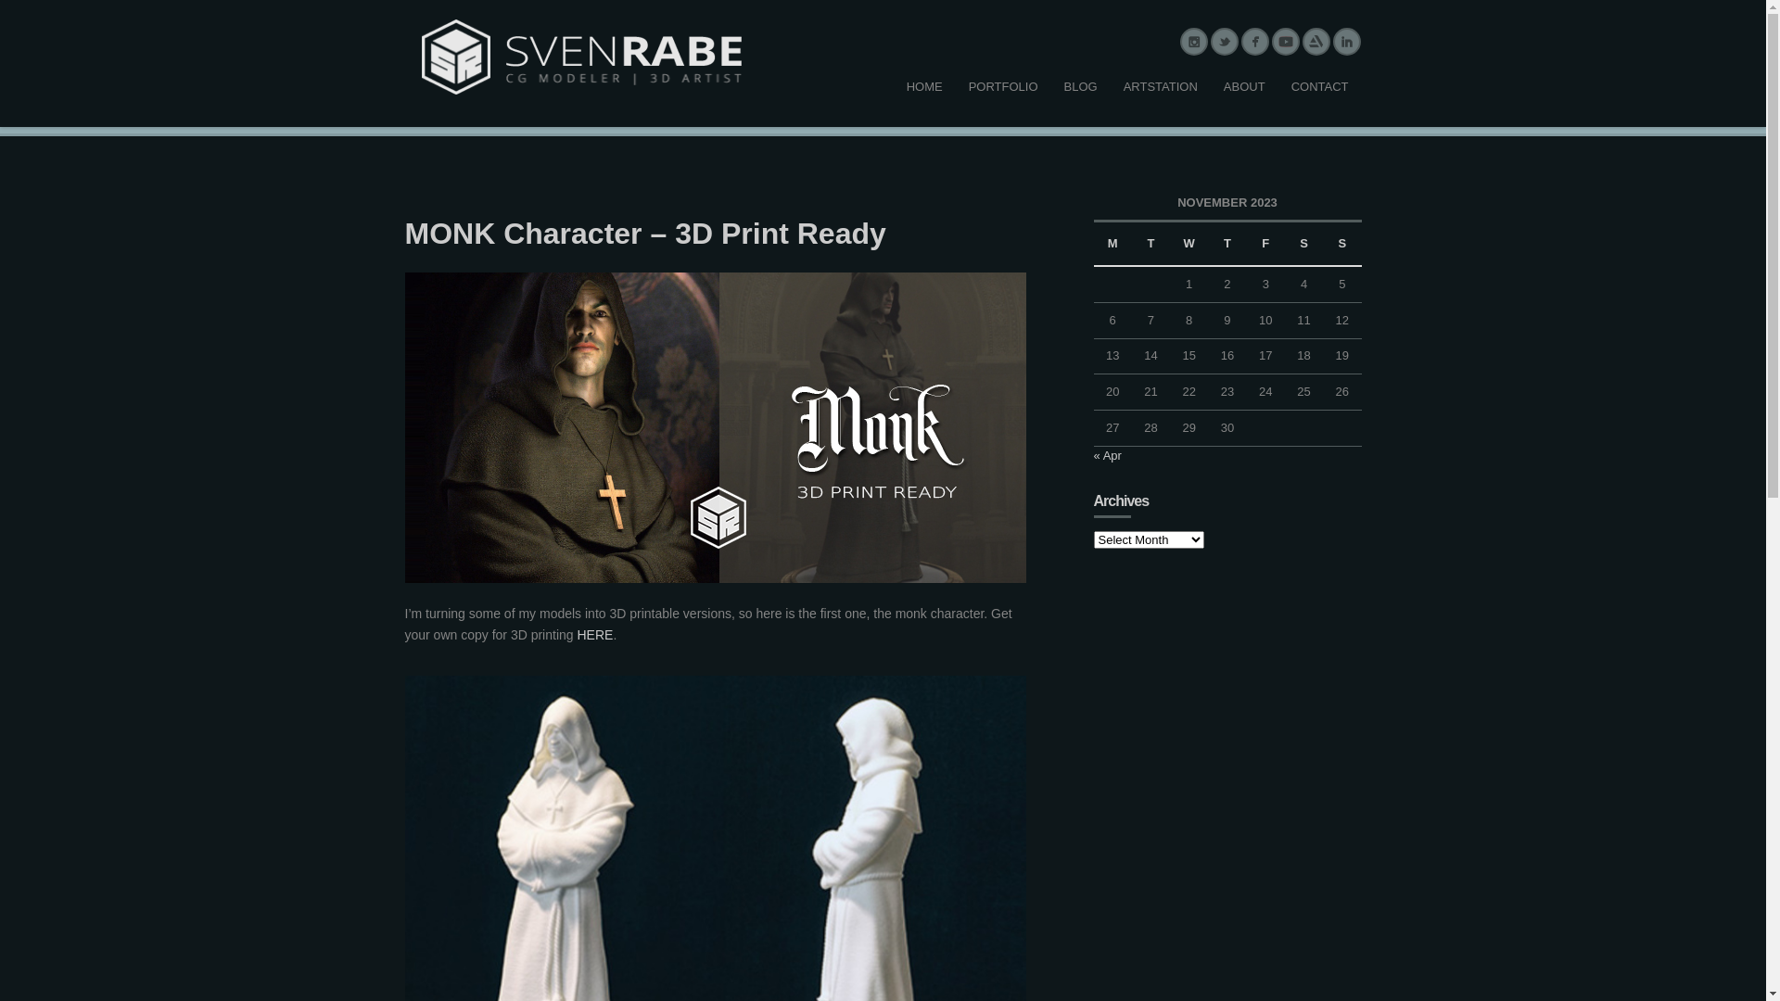  Describe the element at coordinates (1346, 42) in the screenshot. I see `'LinkedIn Profile'` at that location.